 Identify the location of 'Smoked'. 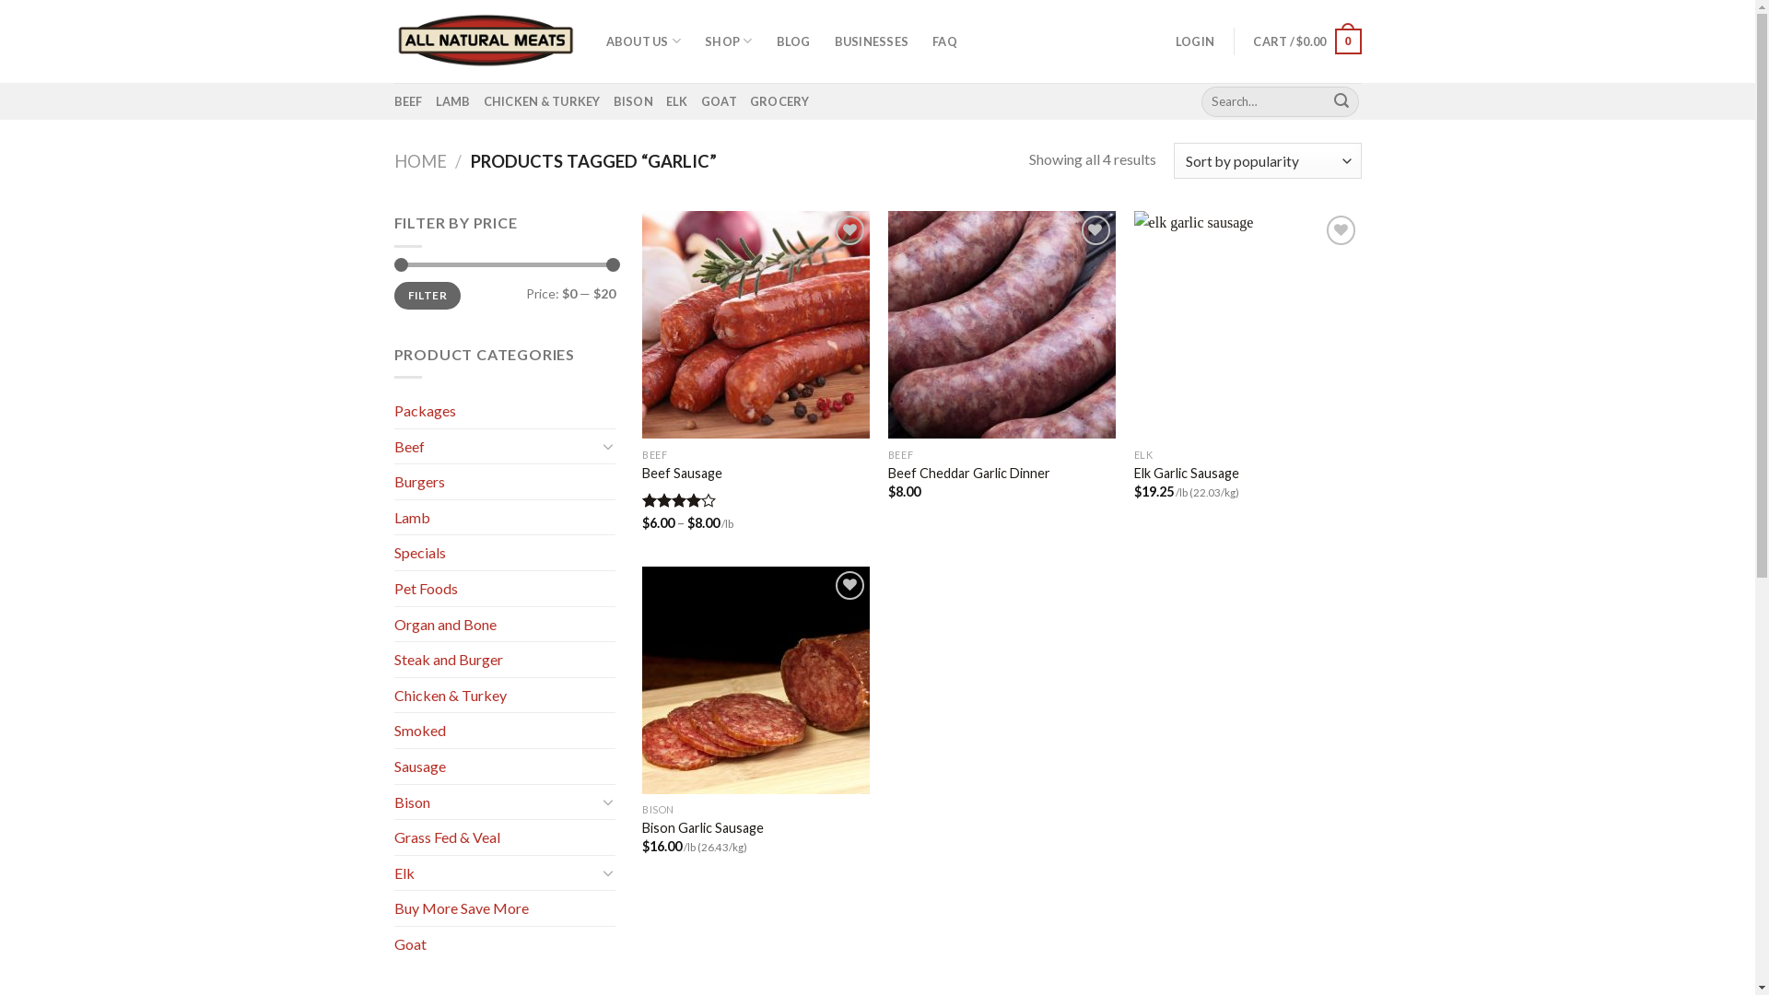
(504, 730).